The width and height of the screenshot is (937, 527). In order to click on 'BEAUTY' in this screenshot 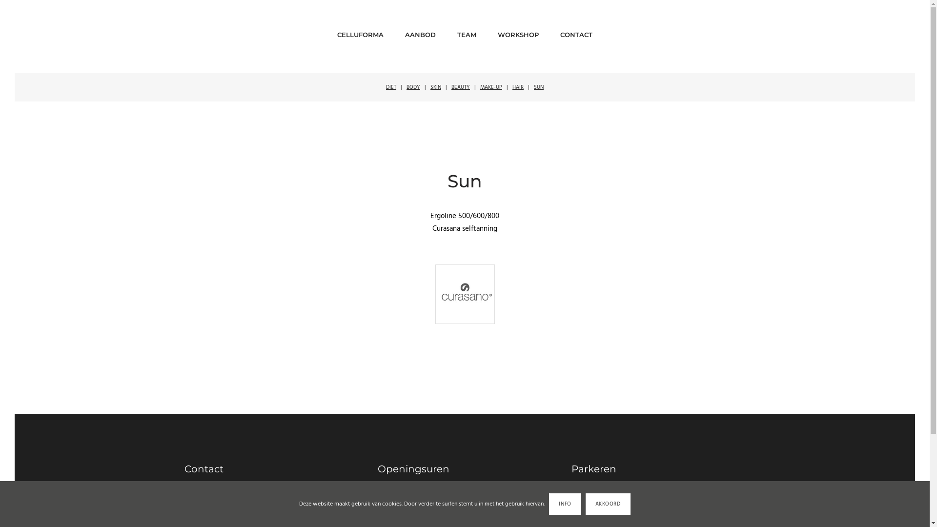, I will do `click(460, 86)`.